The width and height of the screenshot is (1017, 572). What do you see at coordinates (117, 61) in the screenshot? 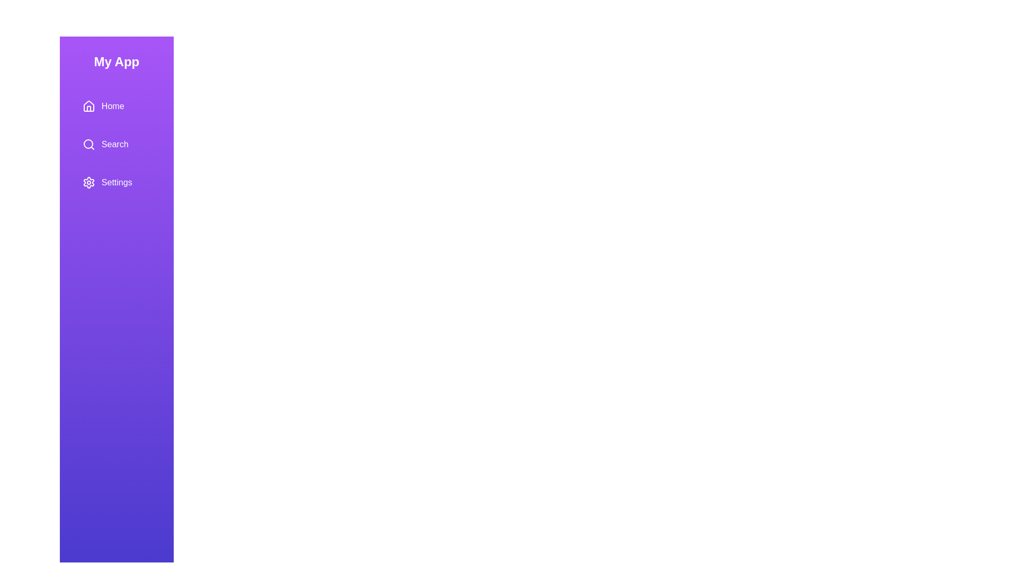
I see `the application title 'My App'` at bounding box center [117, 61].